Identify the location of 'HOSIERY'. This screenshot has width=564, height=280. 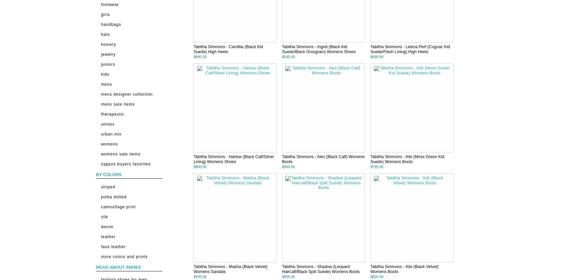
(108, 44).